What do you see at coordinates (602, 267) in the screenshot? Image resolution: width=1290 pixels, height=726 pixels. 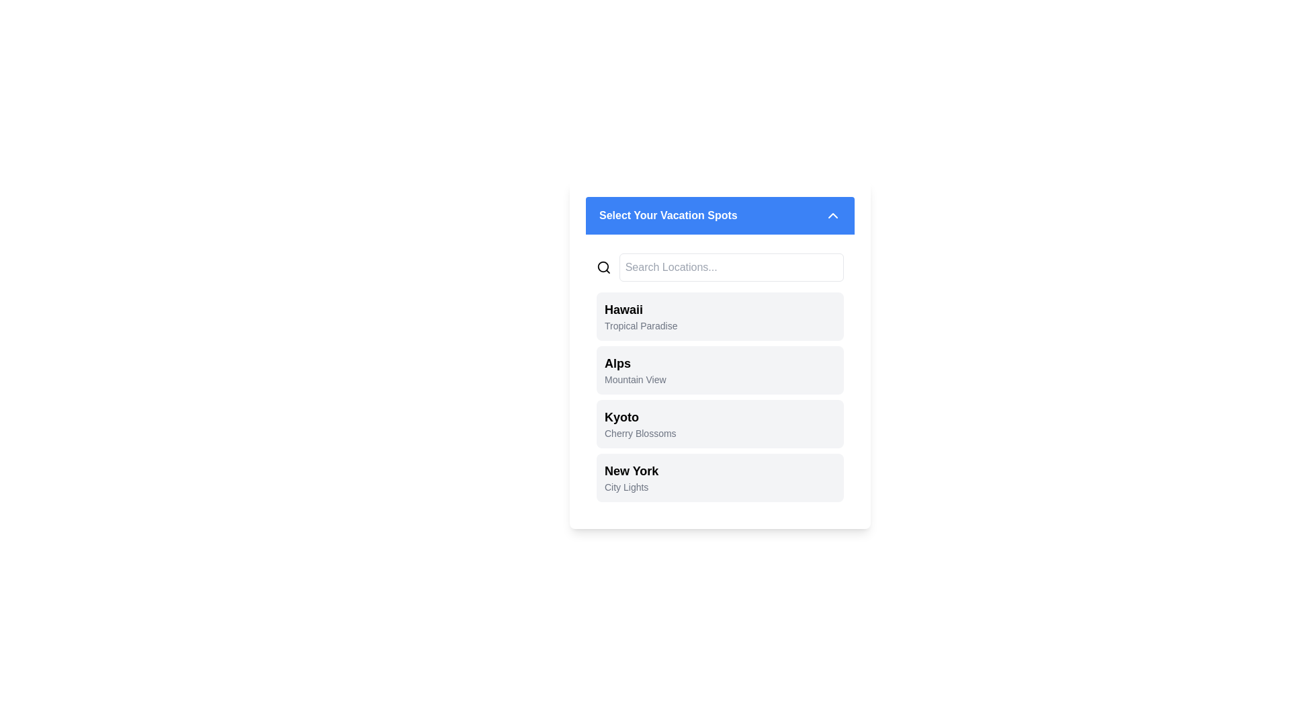 I see `the circular lens element of the magnifying glass icon, which visually represents the search functionality` at bounding box center [602, 267].